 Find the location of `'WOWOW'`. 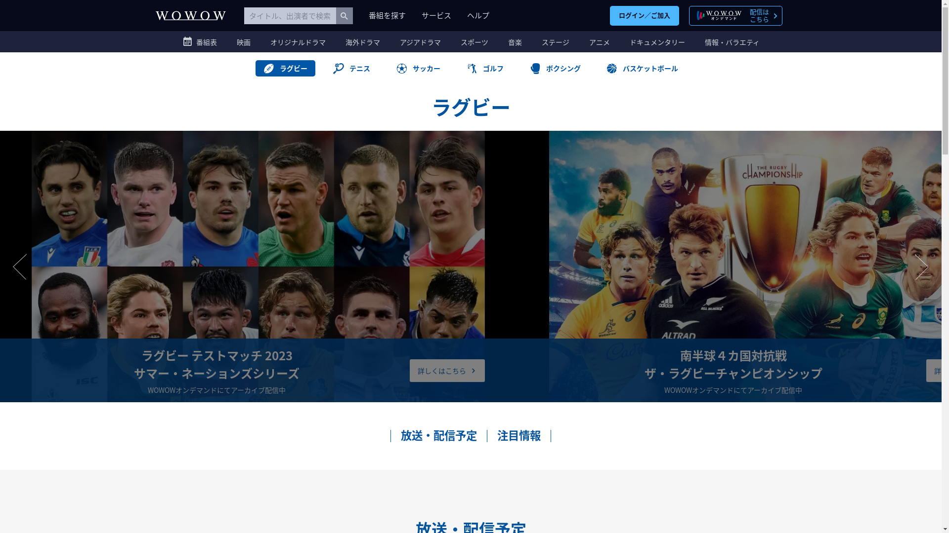

'WOWOW' is located at coordinates (154, 15).